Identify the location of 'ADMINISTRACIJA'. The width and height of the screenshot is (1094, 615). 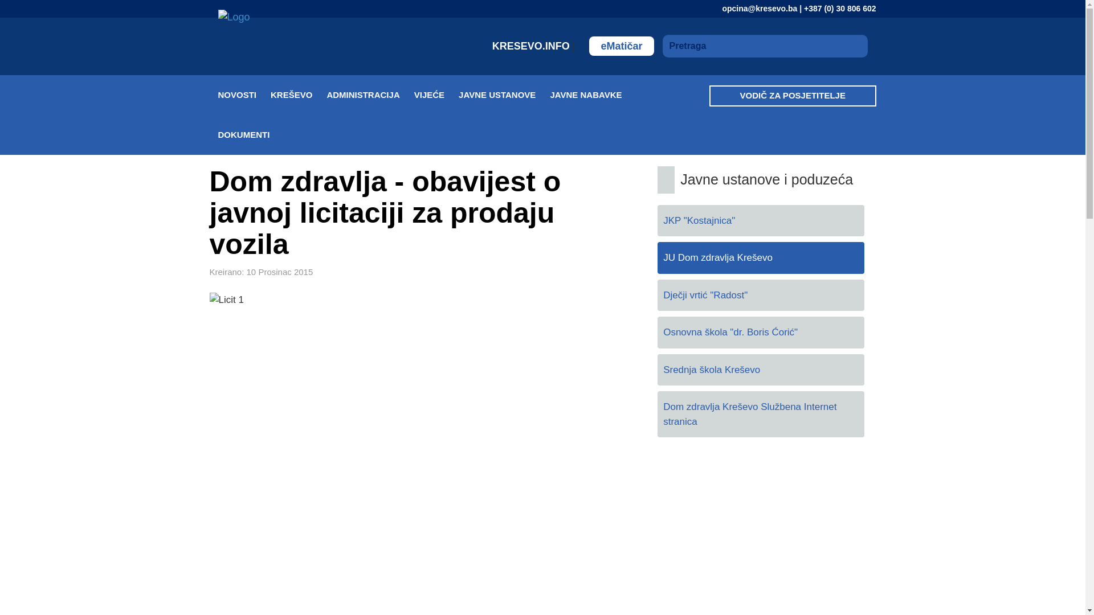
(325, 94).